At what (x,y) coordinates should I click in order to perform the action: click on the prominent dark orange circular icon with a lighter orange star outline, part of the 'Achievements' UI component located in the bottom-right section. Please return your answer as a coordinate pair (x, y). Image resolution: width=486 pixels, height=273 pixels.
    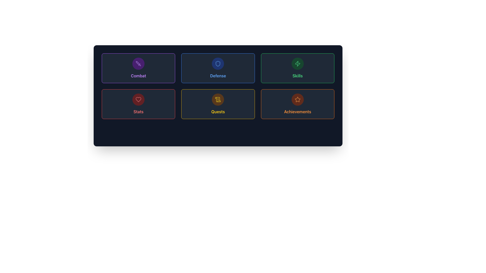
    Looking at the image, I should click on (297, 99).